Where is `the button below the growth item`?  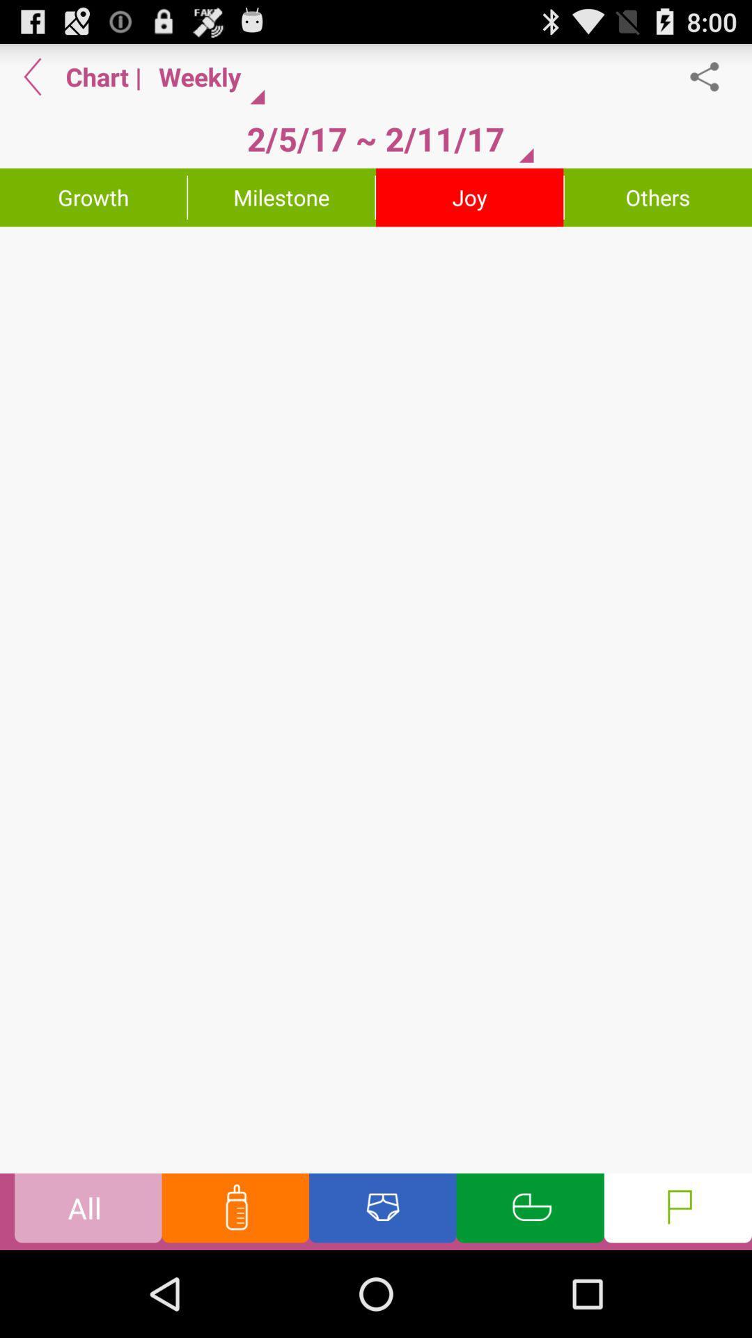
the button below the growth item is located at coordinates (376, 700).